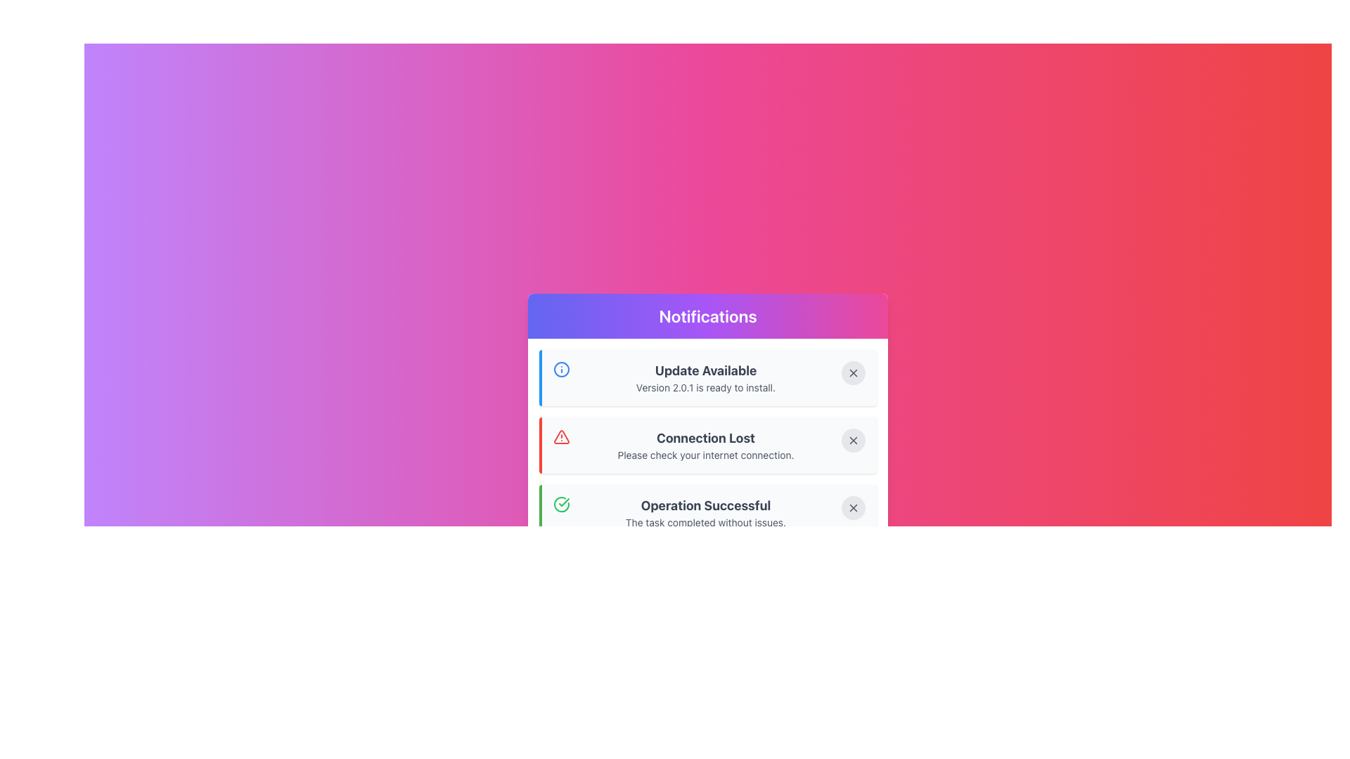 This screenshot has width=1350, height=759. What do you see at coordinates (705, 387) in the screenshot?
I see `information text displaying the message 'Version 2.0.1 is ready to install.' located below the 'Update Available' heading in the notification card` at bounding box center [705, 387].